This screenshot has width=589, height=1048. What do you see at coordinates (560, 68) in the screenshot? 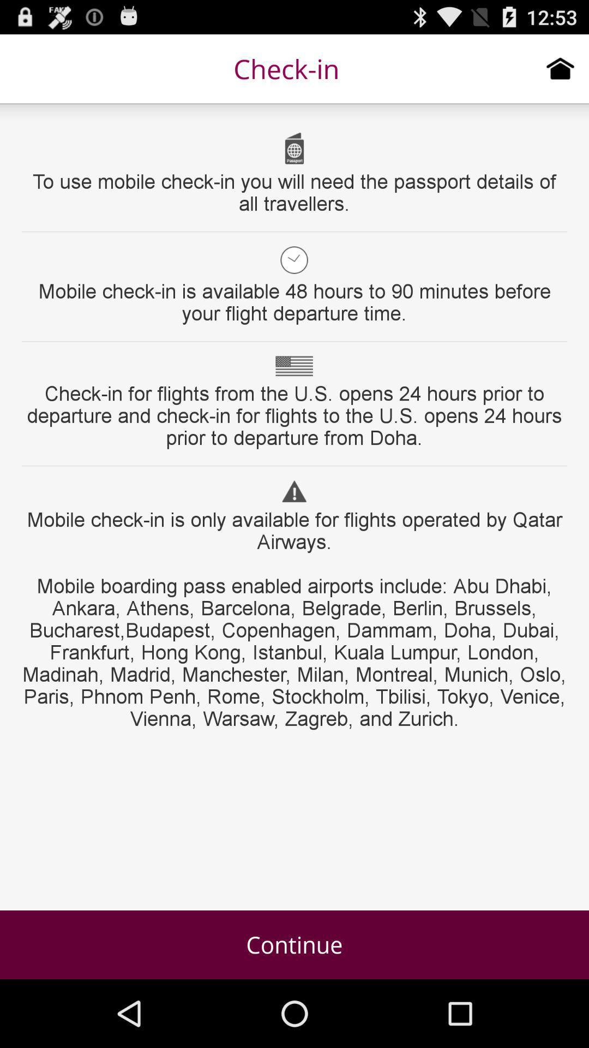
I see `home` at bounding box center [560, 68].